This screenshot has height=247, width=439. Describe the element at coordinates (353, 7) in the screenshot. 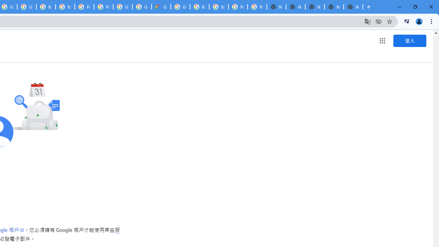

I see `'New Tab'` at that location.